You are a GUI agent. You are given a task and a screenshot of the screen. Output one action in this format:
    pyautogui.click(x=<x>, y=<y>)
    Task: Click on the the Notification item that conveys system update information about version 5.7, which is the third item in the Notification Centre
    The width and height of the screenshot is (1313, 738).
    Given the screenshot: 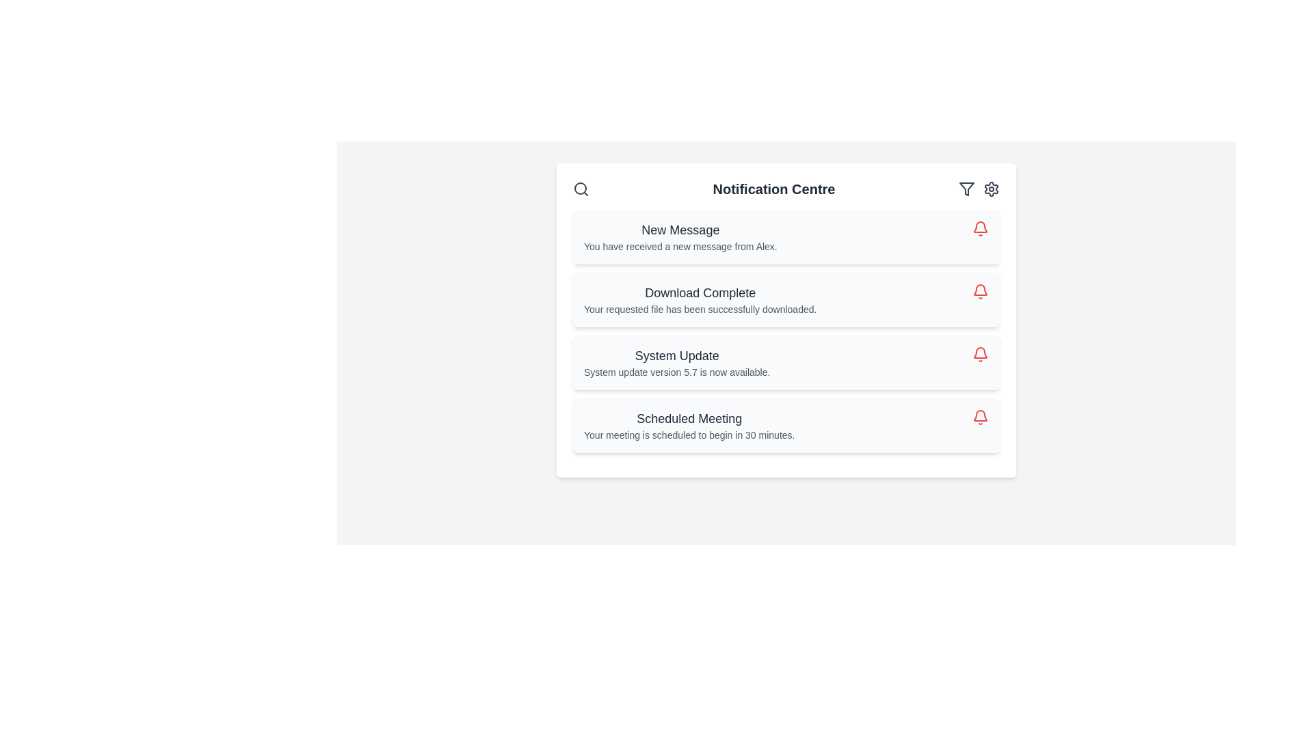 What is the action you would take?
    pyautogui.click(x=786, y=331)
    